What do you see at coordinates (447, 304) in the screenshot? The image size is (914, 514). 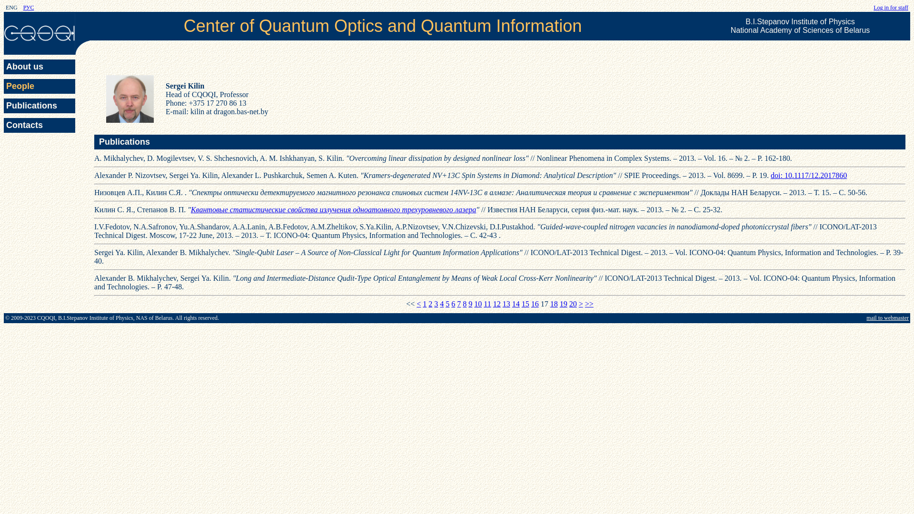 I see `'5'` at bounding box center [447, 304].